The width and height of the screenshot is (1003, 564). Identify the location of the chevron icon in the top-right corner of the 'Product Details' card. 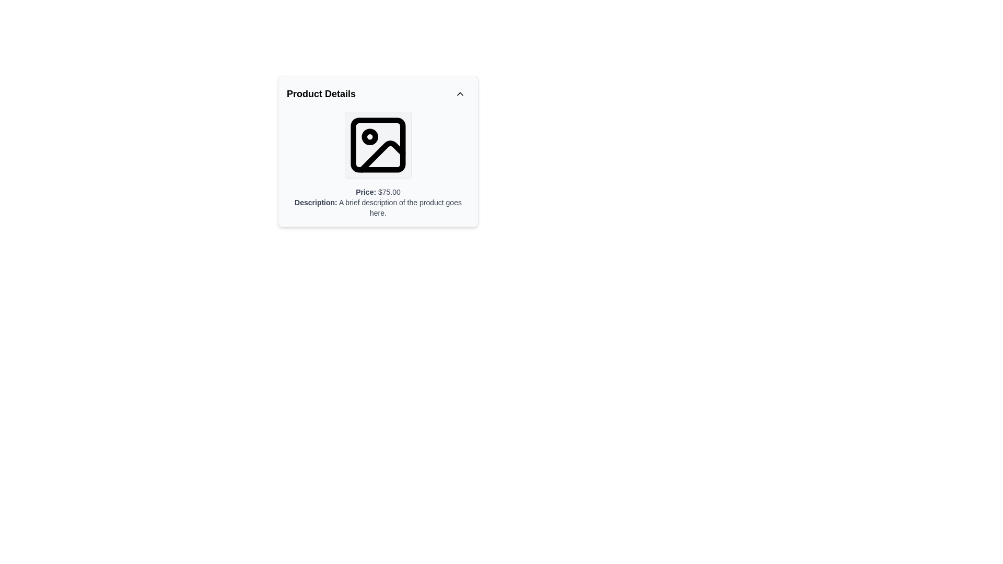
(460, 94).